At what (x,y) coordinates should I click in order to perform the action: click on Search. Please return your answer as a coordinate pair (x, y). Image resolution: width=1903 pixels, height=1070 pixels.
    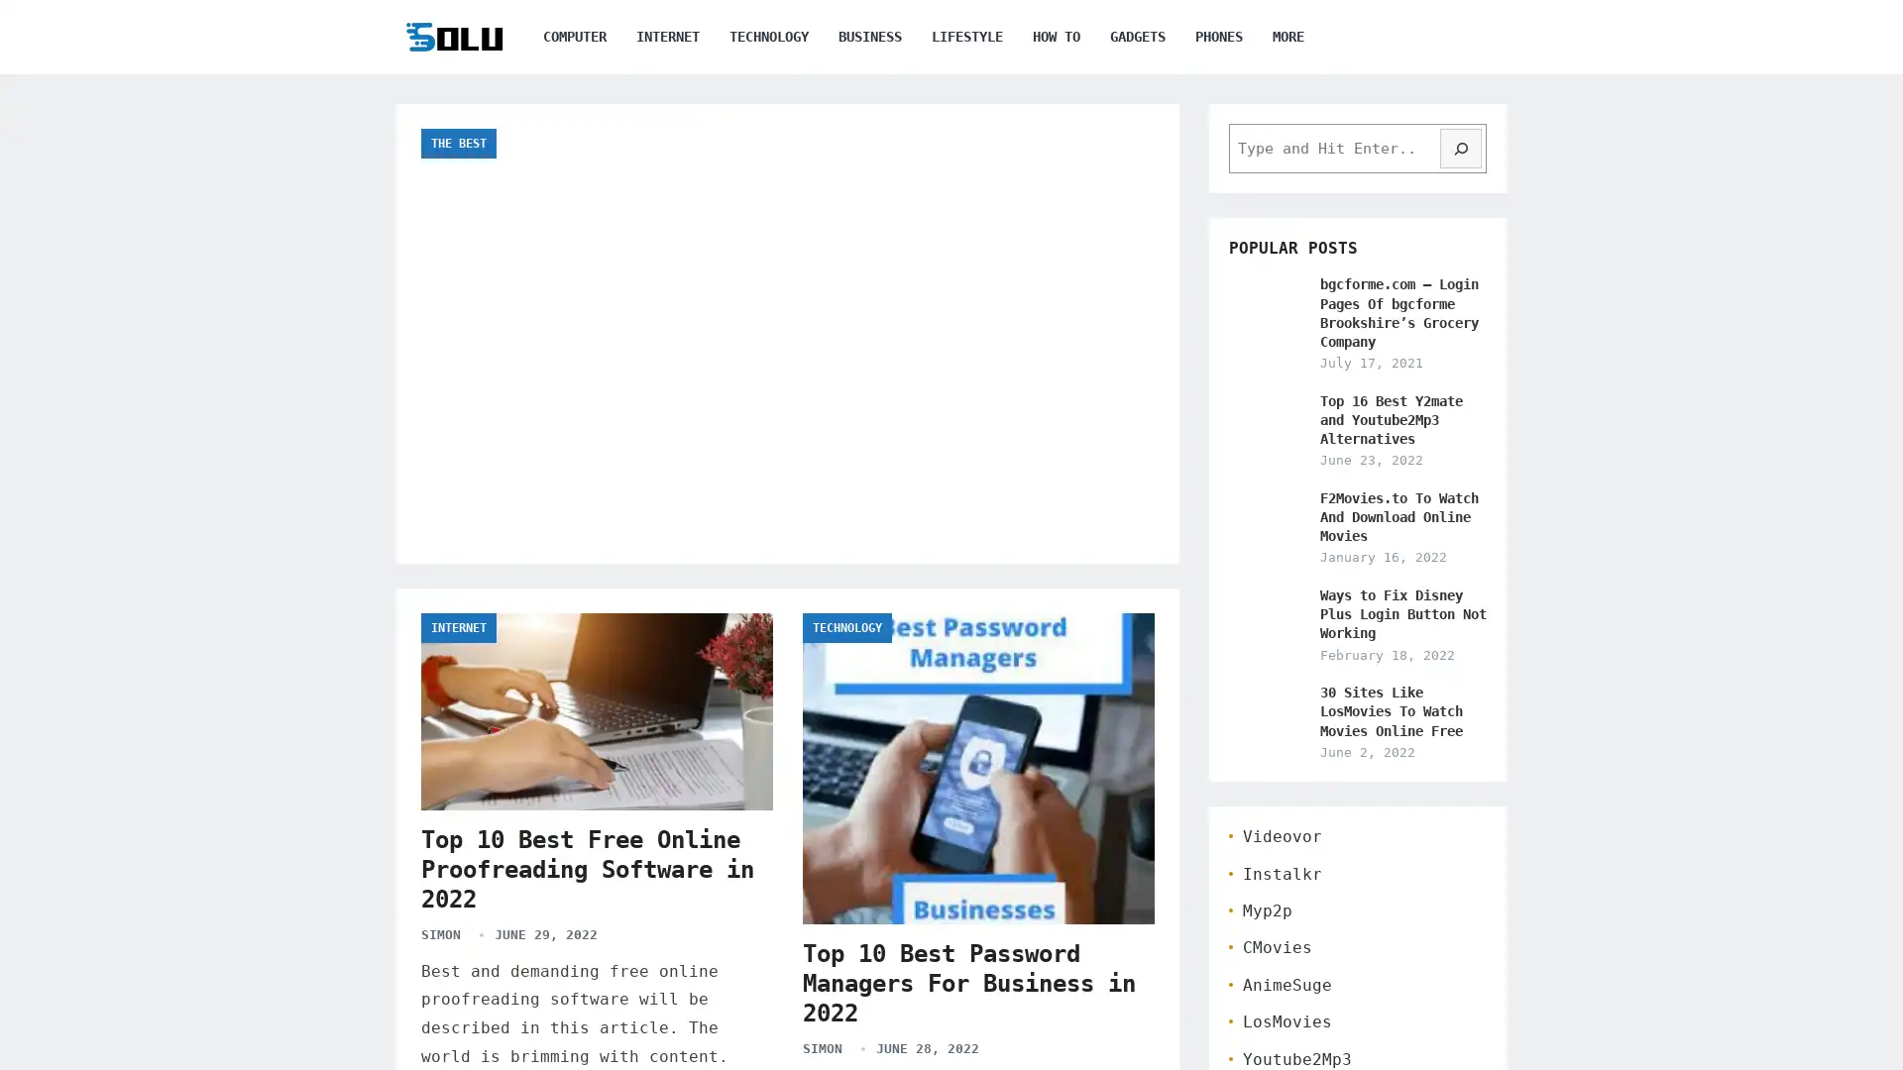
    Looking at the image, I should click on (1460, 148).